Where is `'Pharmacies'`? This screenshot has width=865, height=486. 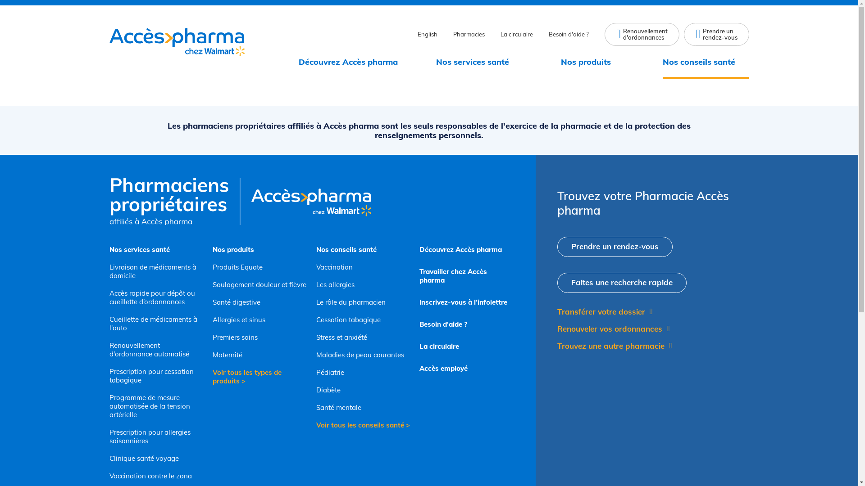
'Pharmacies' is located at coordinates (453, 34).